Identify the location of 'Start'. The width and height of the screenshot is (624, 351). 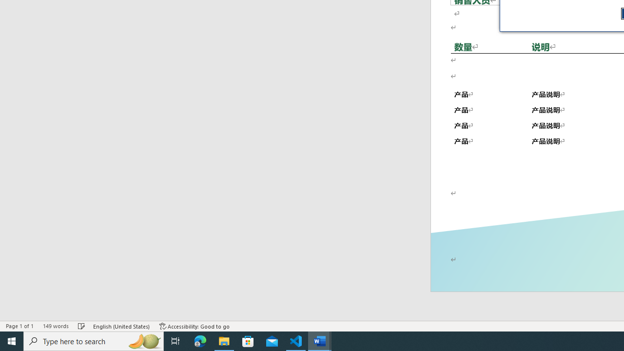
(12, 340).